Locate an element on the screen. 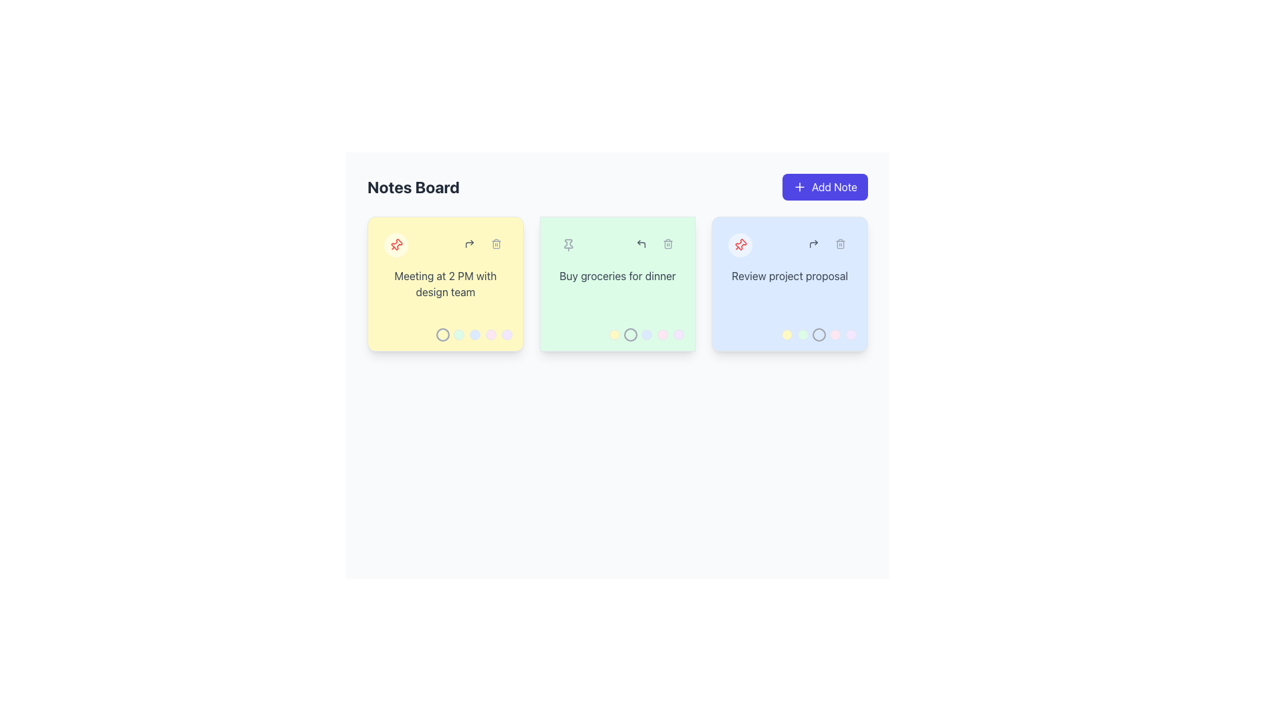 The height and width of the screenshot is (722, 1283). the visual representation of the trash can icon within the 'Buy groceries for dinner' card on the Notes Board application is located at coordinates (668, 245).